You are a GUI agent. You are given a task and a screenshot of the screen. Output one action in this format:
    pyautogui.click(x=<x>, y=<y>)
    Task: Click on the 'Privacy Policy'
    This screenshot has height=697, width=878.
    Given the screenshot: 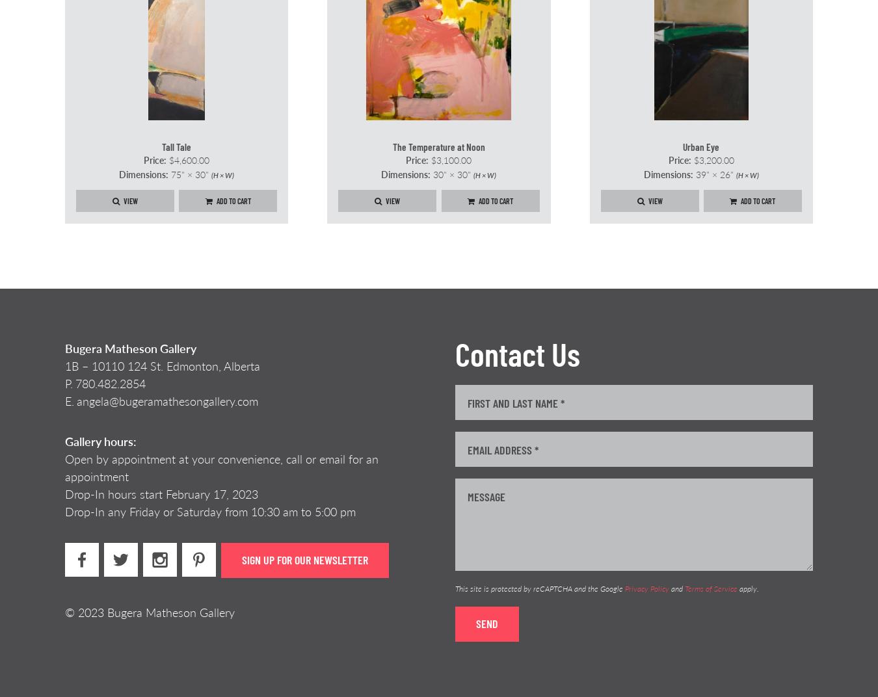 What is the action you would take?
    pyautogui.click(x=646, y=588)
    